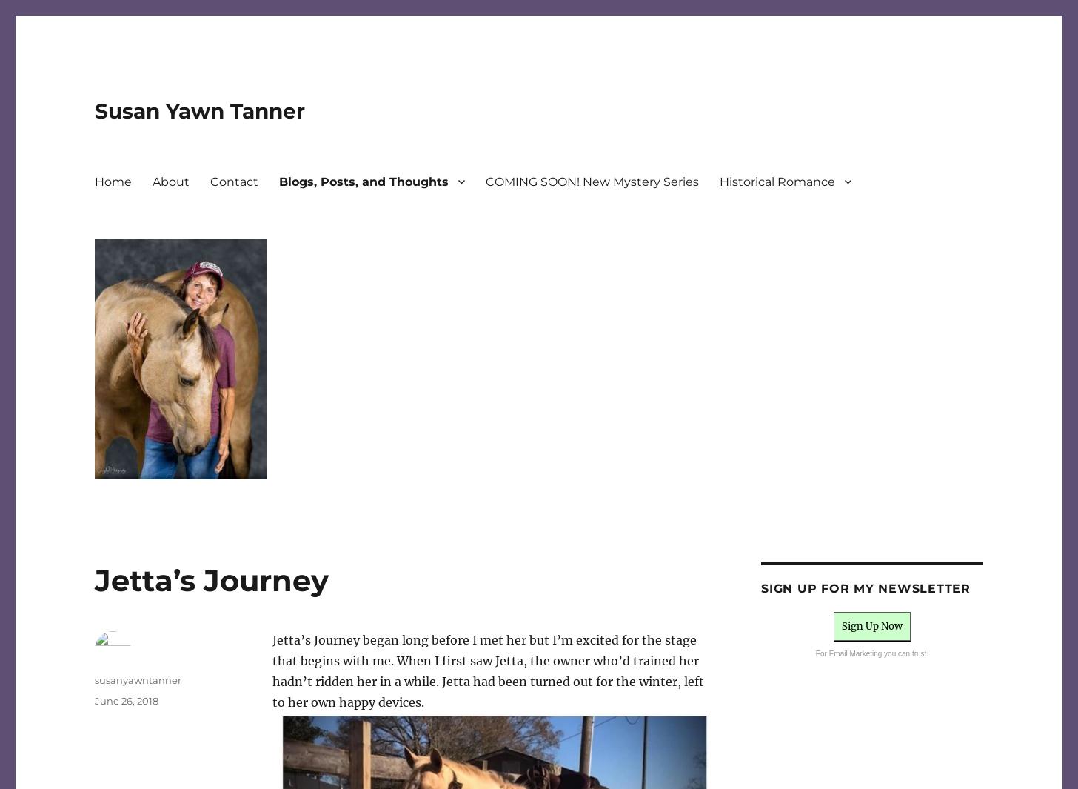 The image size is (1078, 789). Describe the element at coordinates (866, 588) in the screenshot. I see `'Sign up for my newsletter'` at that location.